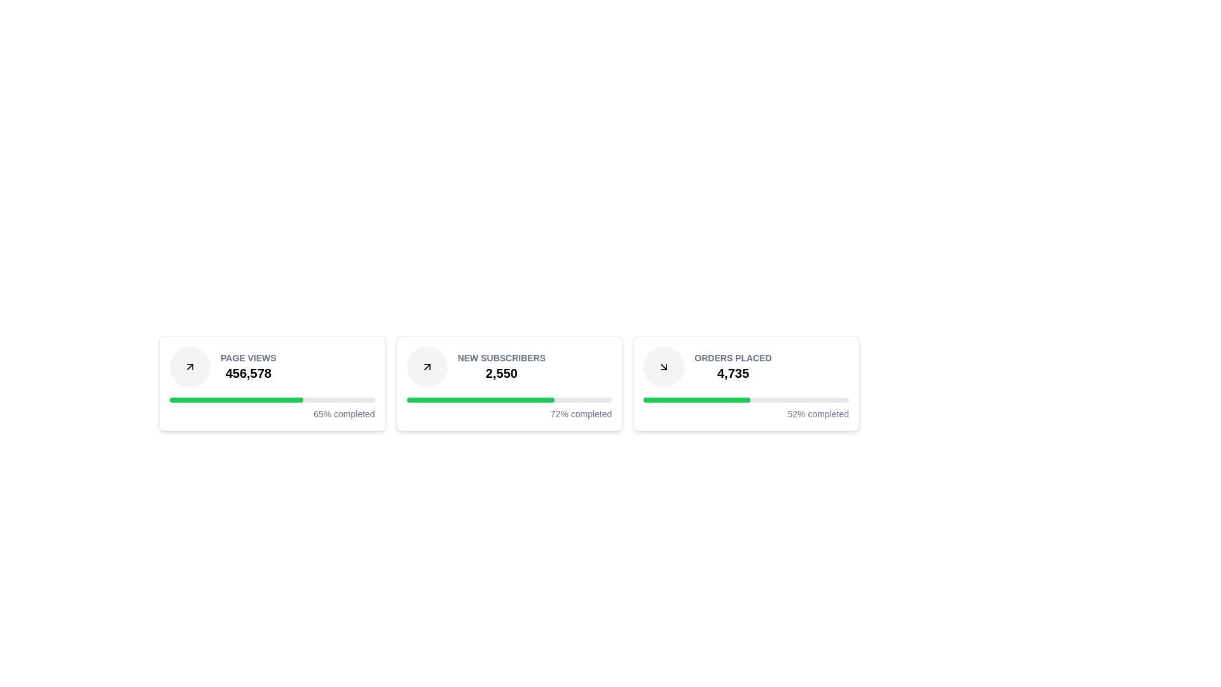 This screenshot has height=687, width=1221. What do you see at coordinates (733, 367) in the screenshot?
I see `the text display element showing 'ORDERS PLACED' and the numerical value '4,735', which is styled in bold fonts and positioned in the third summary card to the far right` at bounding box center [733, 367].